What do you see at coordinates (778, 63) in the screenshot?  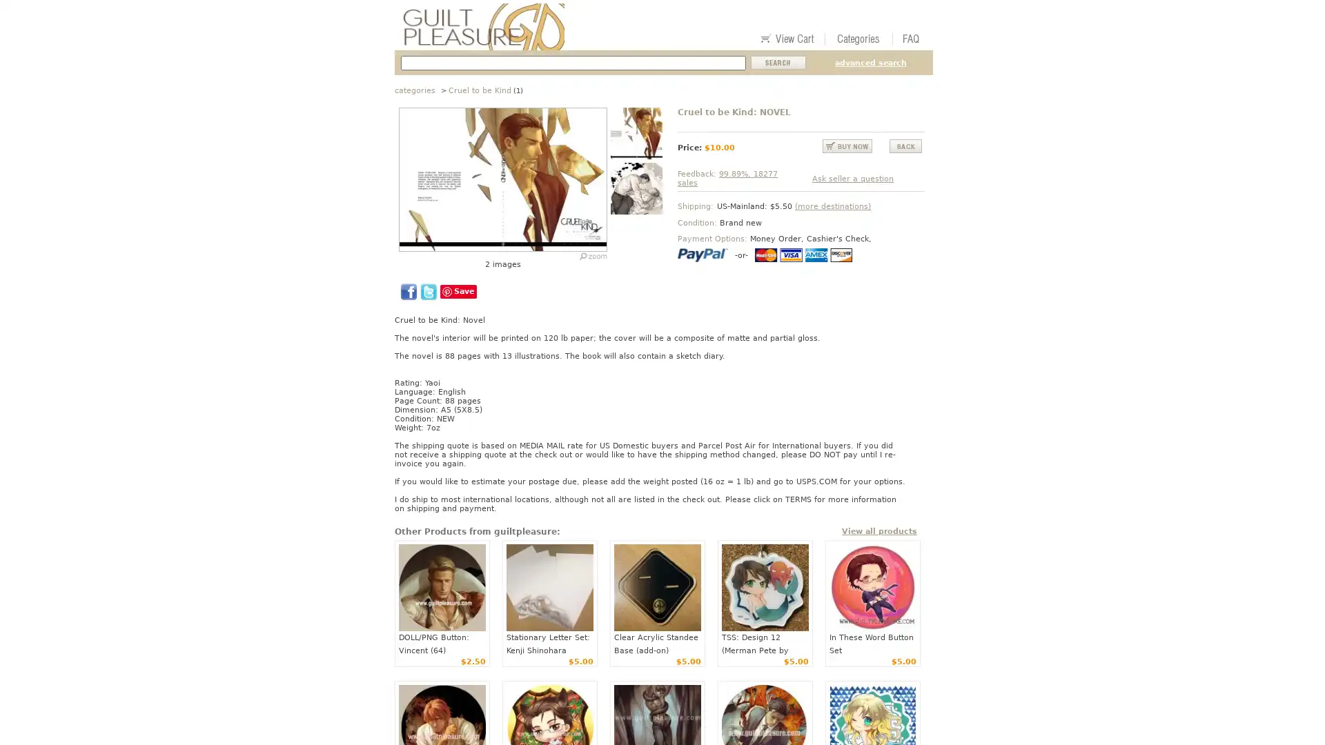 I see `Submit` at bounding box center [778, 63].